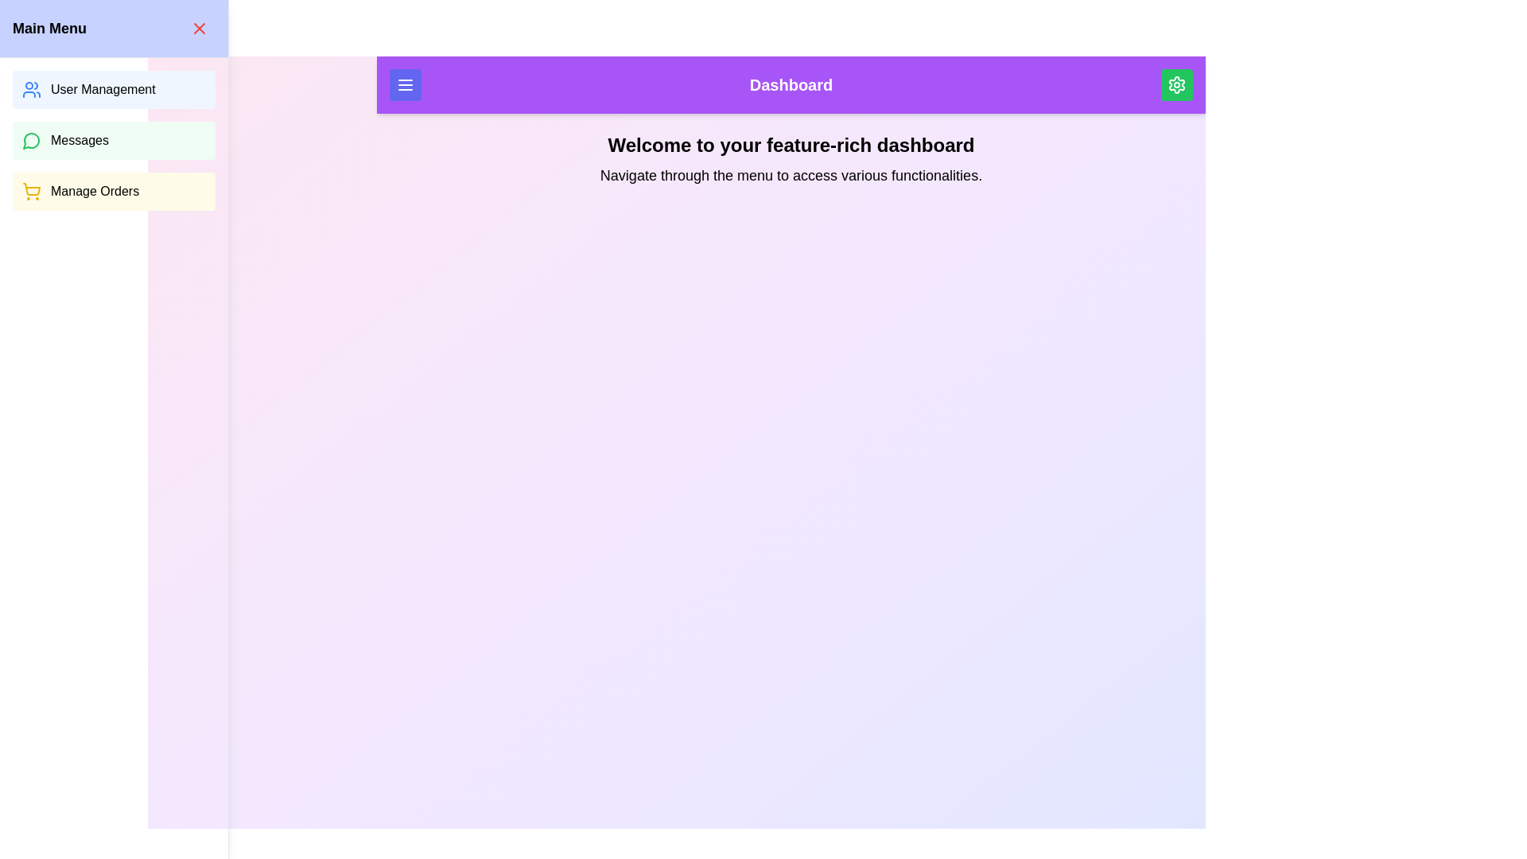  I want to click on the gear-like settings icon located at the top-right corner of the interface, so click(1176, 85).